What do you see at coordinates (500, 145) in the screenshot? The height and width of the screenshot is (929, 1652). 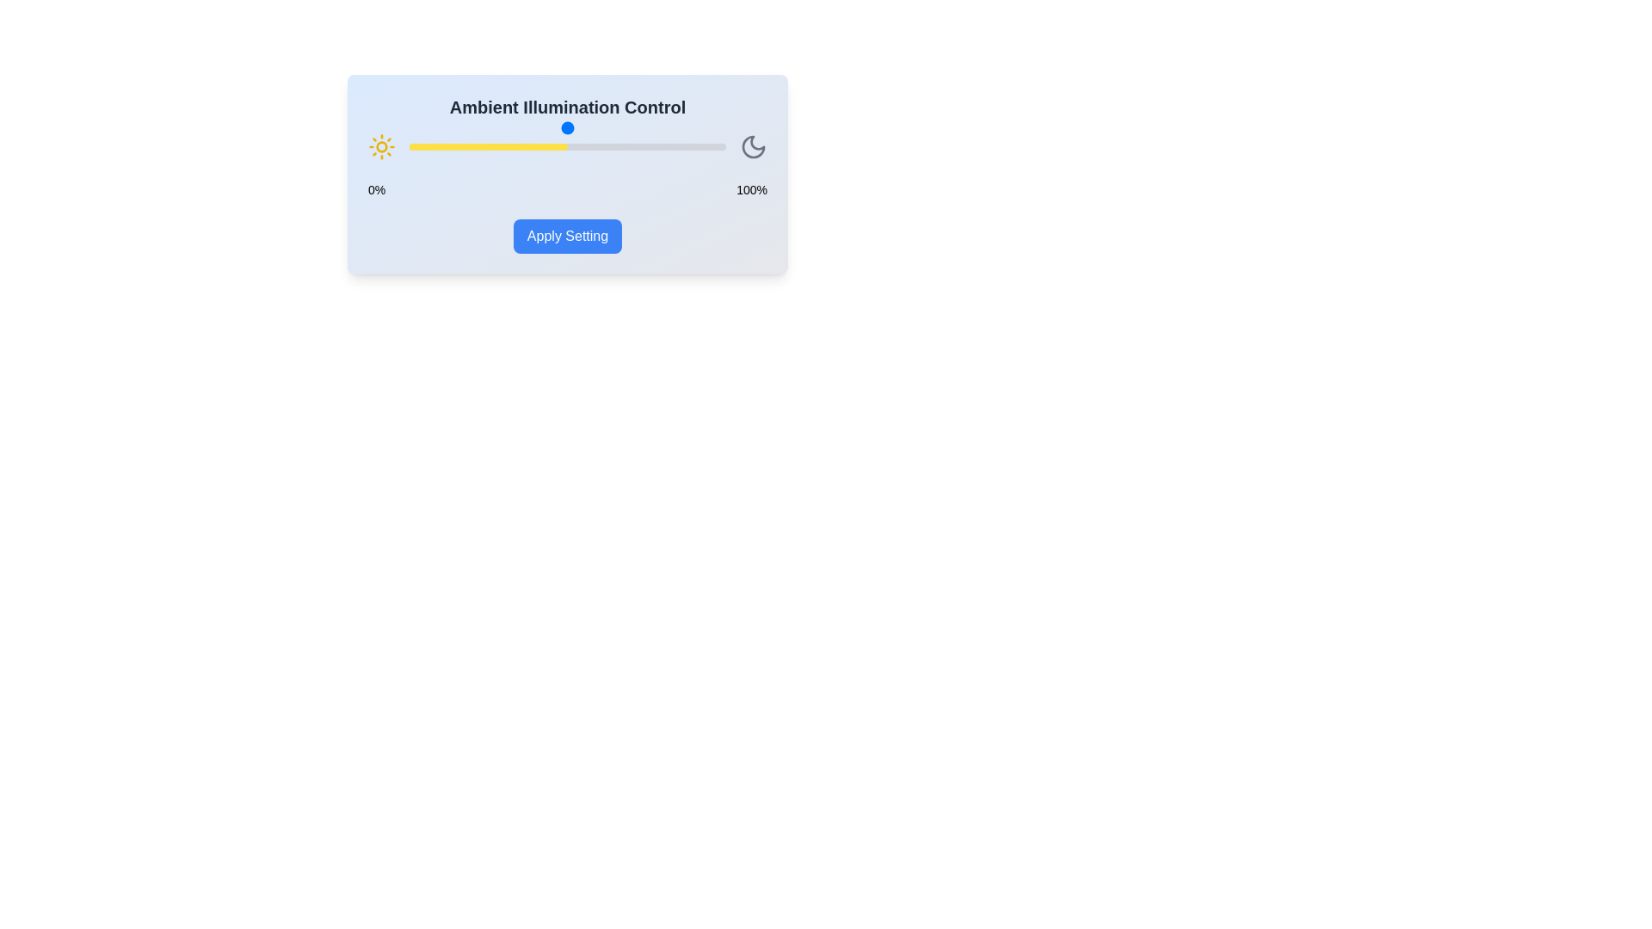 I see `the slider to set the illumination level to 29%` at bounding box center [500, 145].